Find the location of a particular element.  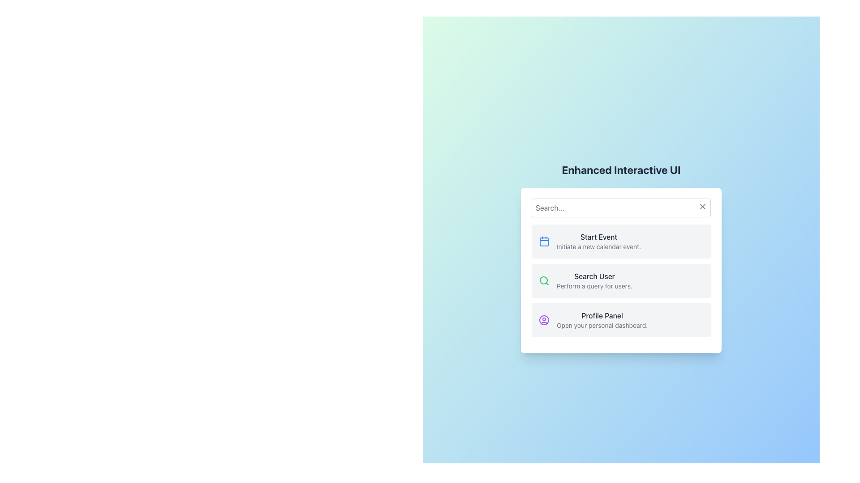

the second selectable menu item in the vertical list, which is positioned below 'Start Event' and above 'Profile Panel' is located at coordinates (621, 280).